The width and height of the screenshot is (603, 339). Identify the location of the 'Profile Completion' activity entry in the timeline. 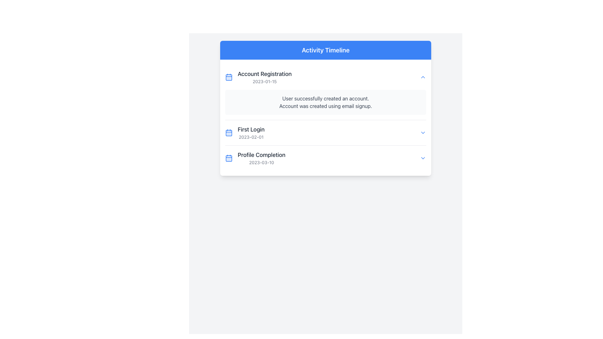
(255, 158).